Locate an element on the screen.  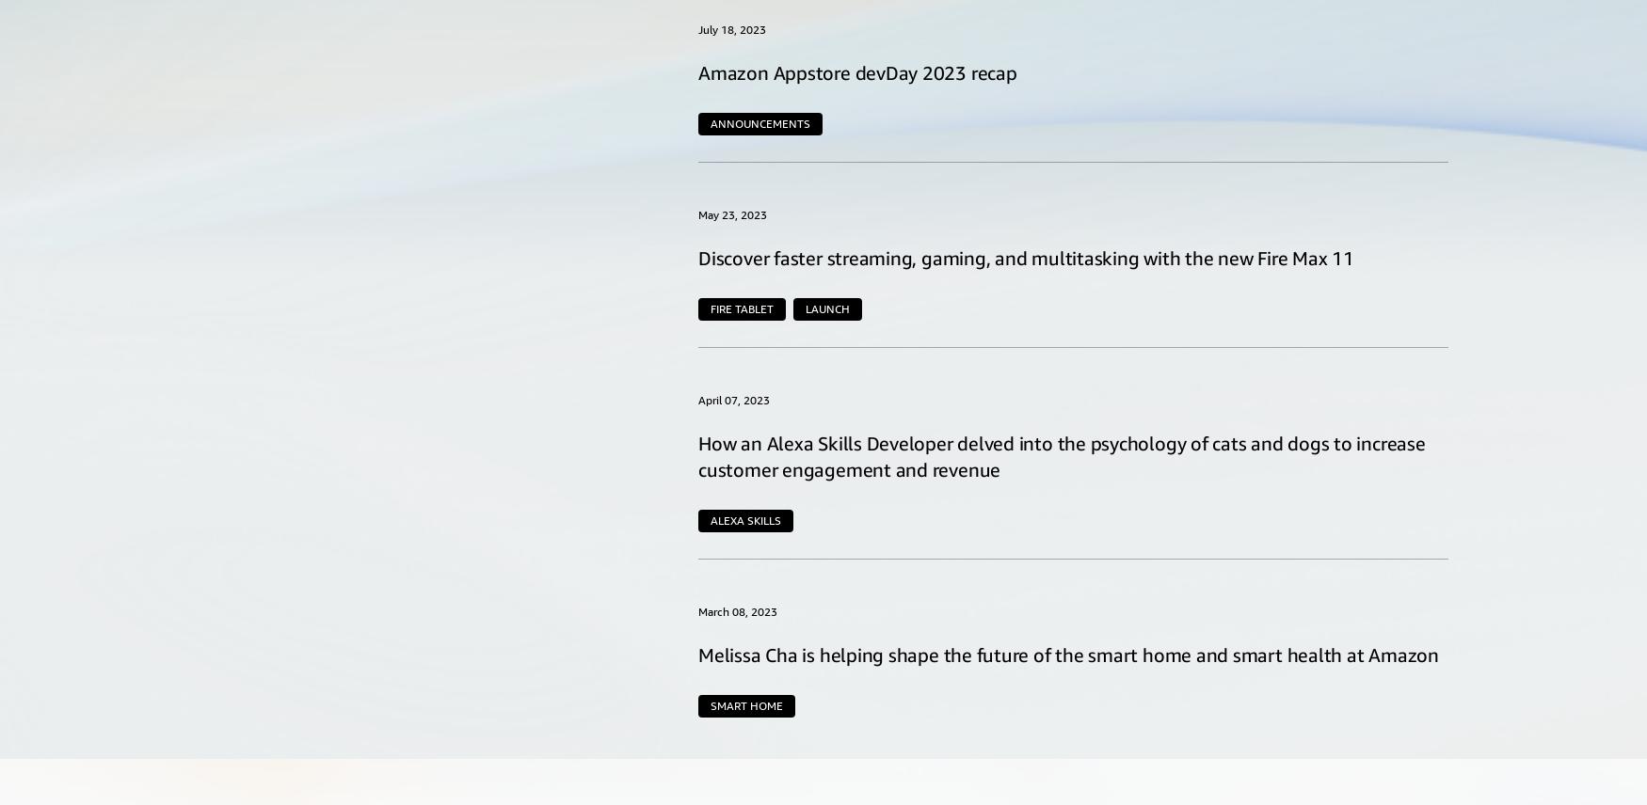
'How an Alexa Skills Developer delved into the psychology of cats and dogs to increase customer engagement and revenue' is located at coordinates (1061, 454).